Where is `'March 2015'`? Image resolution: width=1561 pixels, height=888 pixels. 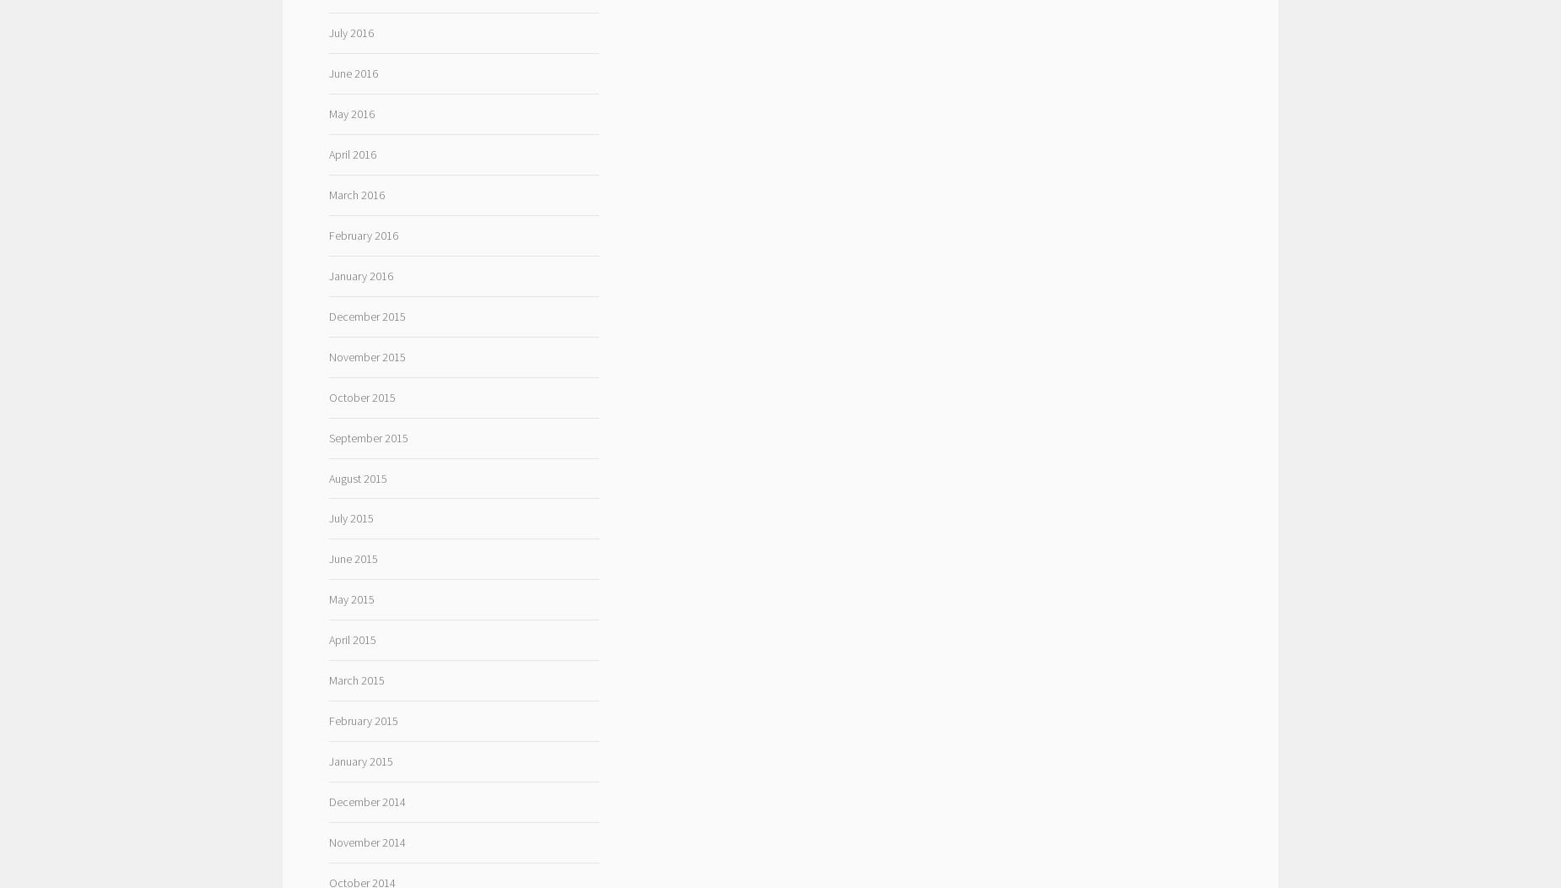
'March 2015' is located at coordinates (327, 680).